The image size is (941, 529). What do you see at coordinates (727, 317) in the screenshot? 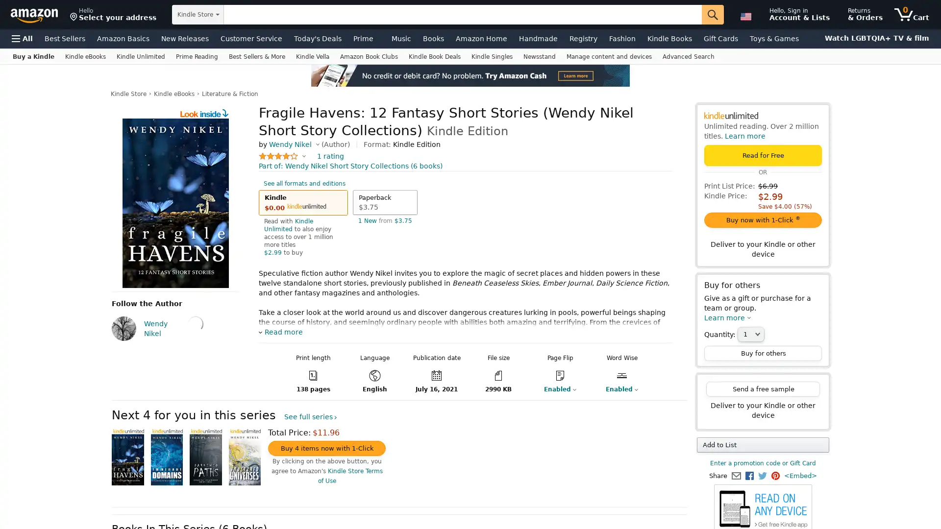
I see `Learn more` at bounding box center [727, 317].